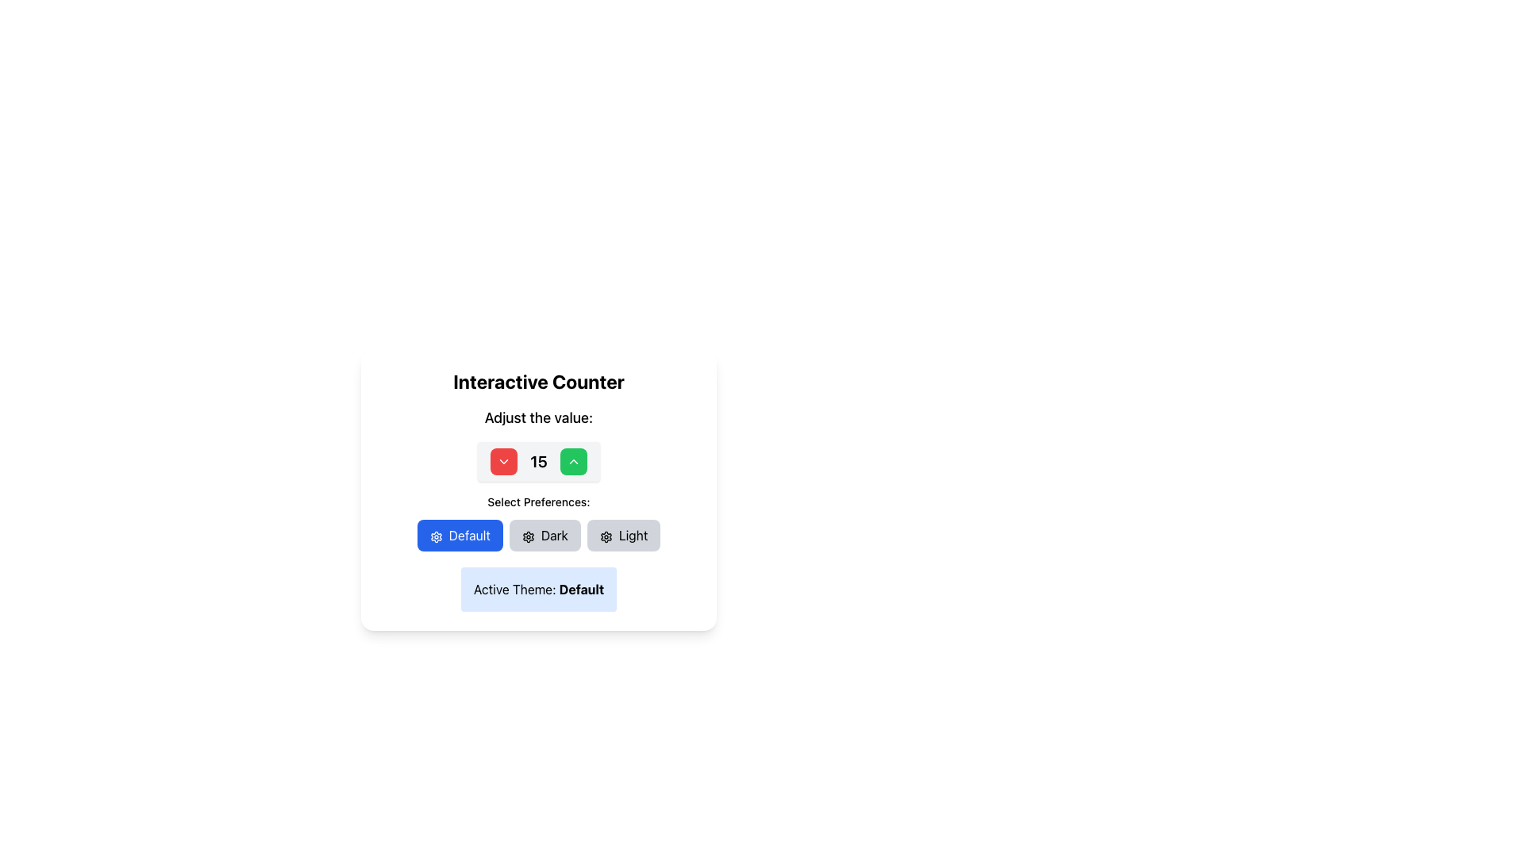 This screenshot has width=1524, height=857. I want to click on the red button with a white chevron pointing downwards, located to the left of the number '15' label within the 'Interactive Counter' component, so click(503, 462).